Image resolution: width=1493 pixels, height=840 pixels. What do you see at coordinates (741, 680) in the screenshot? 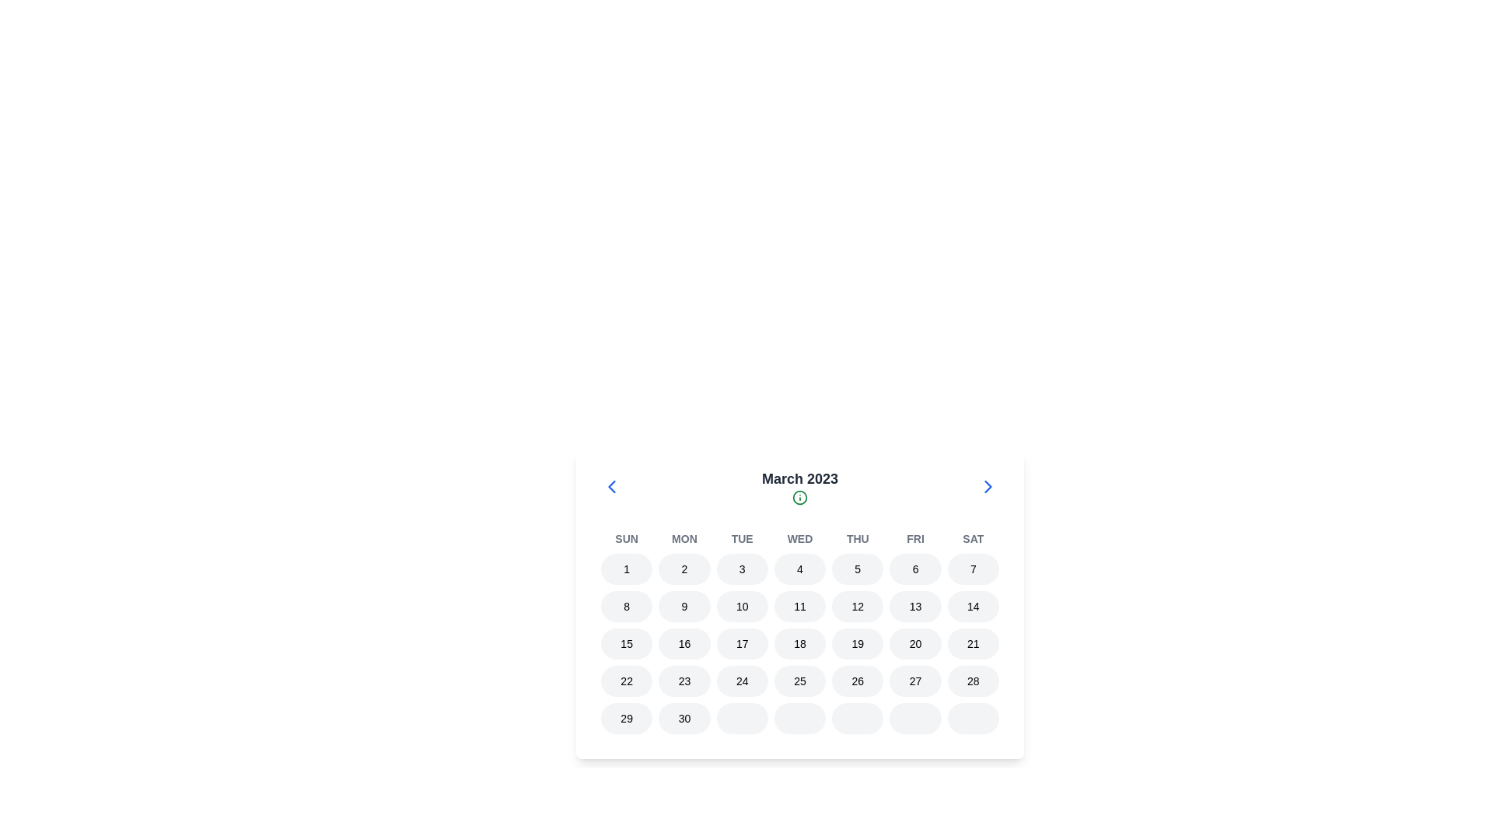
I see `the button representing the 24th day of the month in the calendar interface` at bounding box center [741, 680].